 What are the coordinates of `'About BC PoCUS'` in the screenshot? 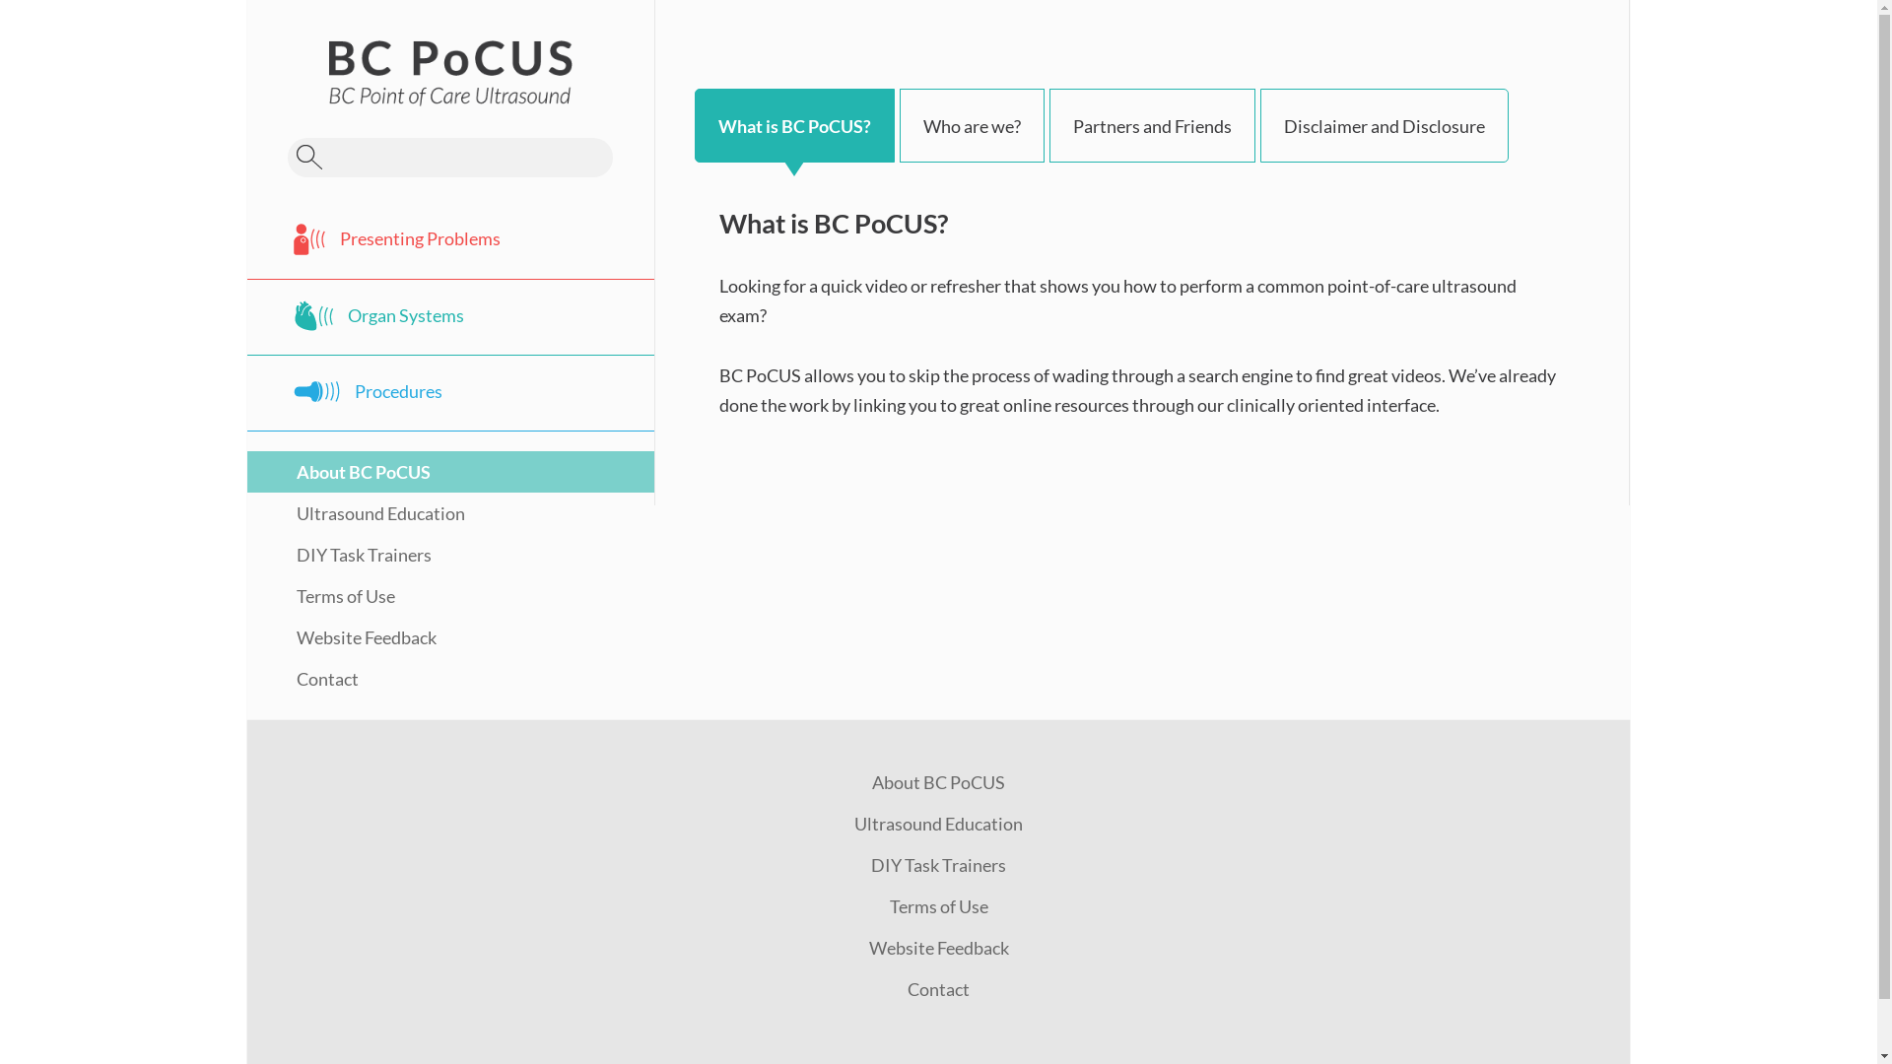 It's located at (339, 471).